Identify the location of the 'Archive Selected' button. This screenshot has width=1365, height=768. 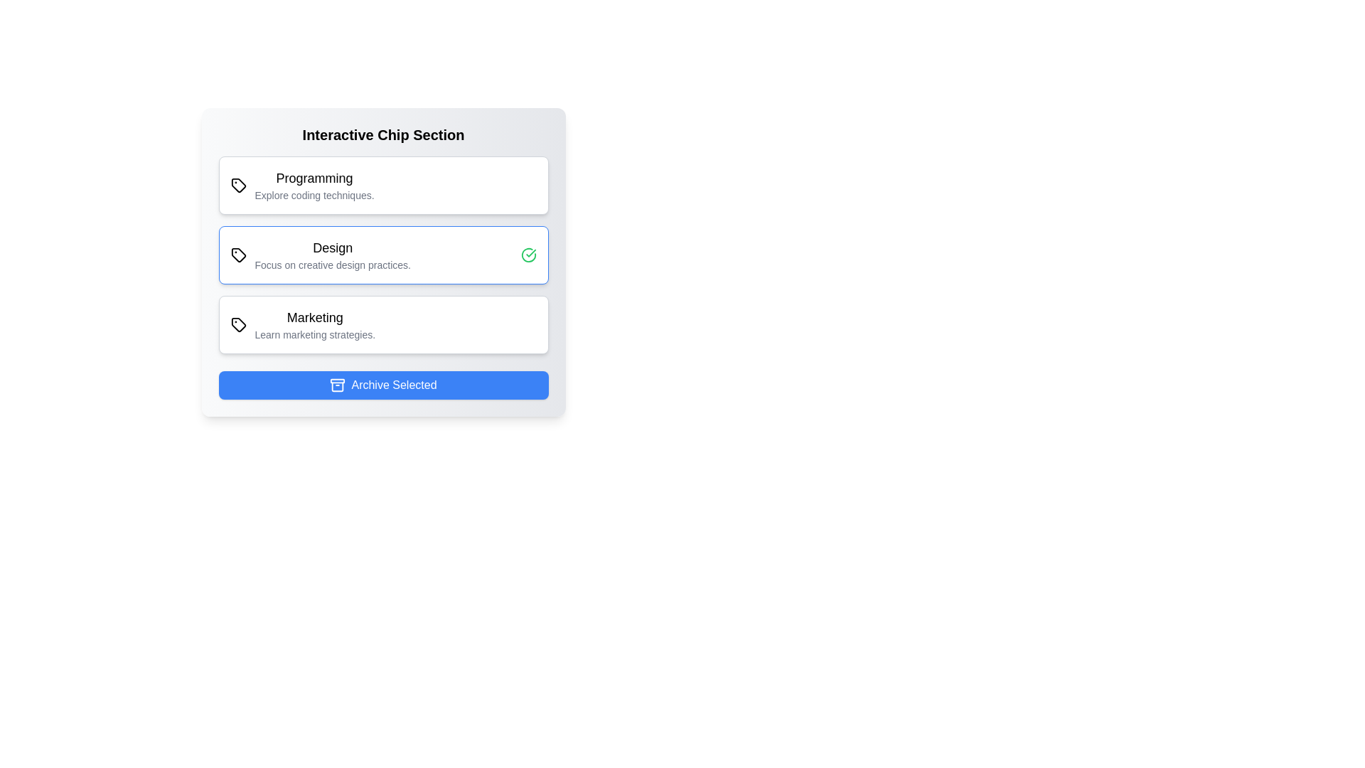
(383, 385).